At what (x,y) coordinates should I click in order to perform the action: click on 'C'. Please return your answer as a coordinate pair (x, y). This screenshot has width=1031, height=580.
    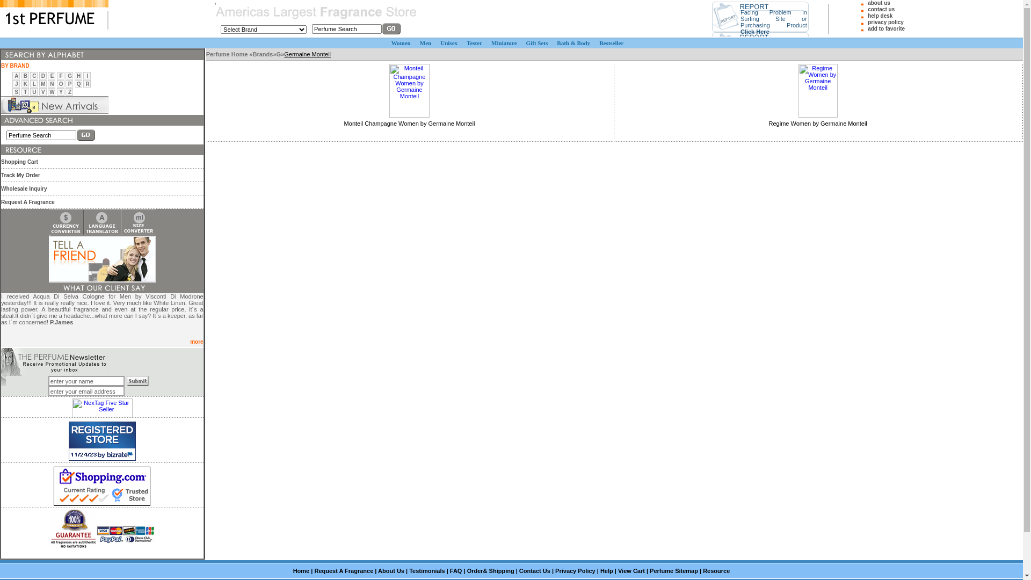
    Looking at the image, I should click on (32, 75).